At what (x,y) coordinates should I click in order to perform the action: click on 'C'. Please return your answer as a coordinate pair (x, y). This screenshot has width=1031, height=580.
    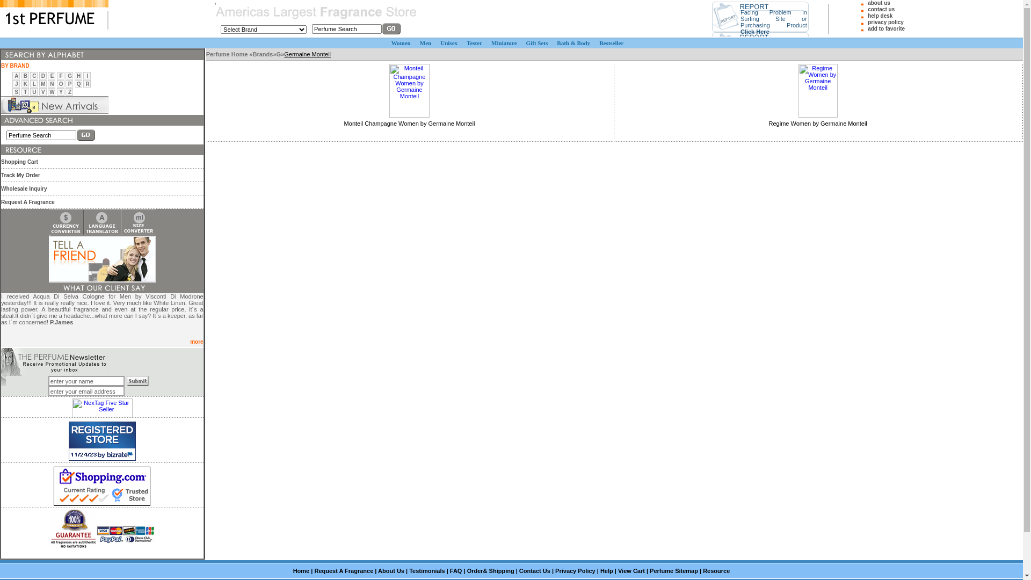
    Looking at the image, I should click on (32, 75).